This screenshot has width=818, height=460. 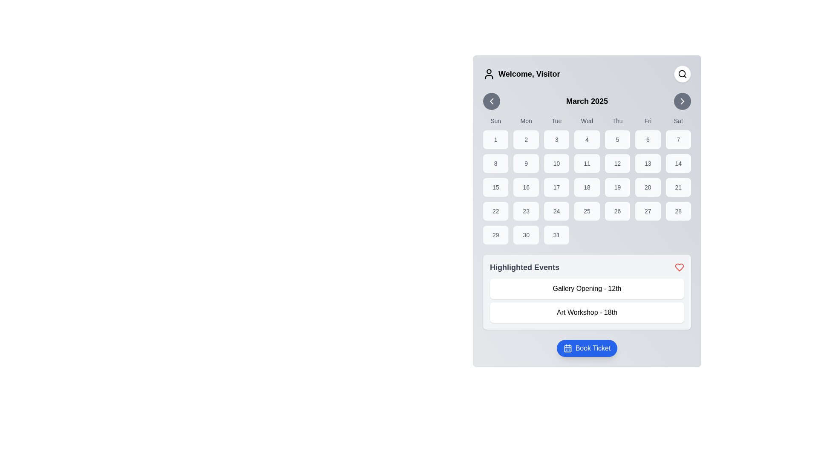 What do you see at coordinates (648, 187) in the screenshot?
I see `the button-like component representing the selectable date in the calendar view located under the 'Fri' column in the fourth row` at bounding box center [648, 187].